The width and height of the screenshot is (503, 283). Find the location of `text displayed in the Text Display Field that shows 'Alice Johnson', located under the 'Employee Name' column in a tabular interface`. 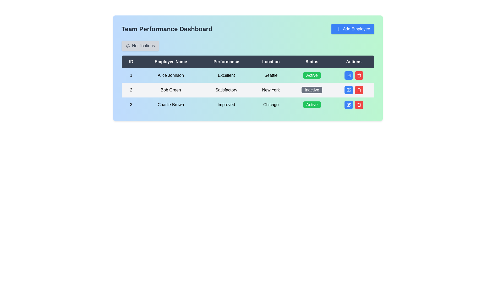

text displayed in the Text Display Field that shows 'Alice Johnson', located under the 'Employee Name' column in a tabular interface is located at coordinates (171, 75).